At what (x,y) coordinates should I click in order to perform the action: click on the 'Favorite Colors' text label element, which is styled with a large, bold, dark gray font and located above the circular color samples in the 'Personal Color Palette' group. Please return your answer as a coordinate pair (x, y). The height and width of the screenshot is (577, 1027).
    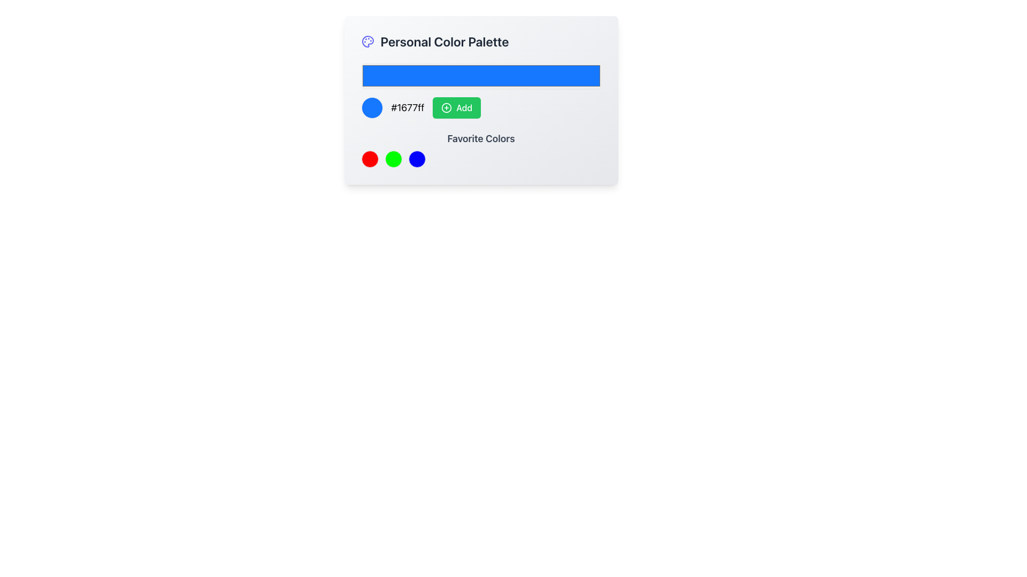
    Looking at the image, I should click on (480, 138).